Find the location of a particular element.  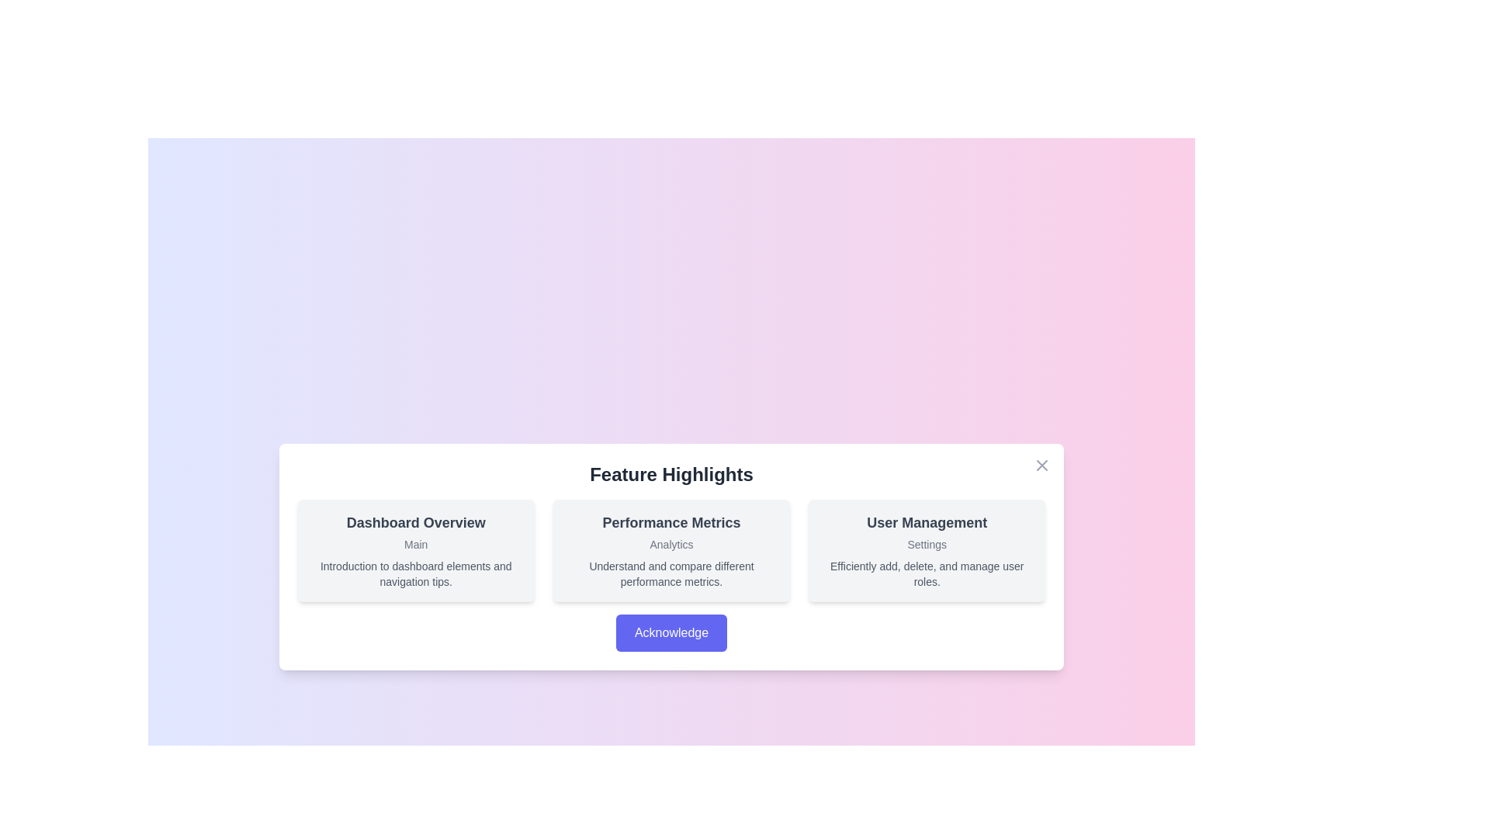

the 'Acknowledge' button to confirm the dialog contents is located at coordinates (670, 633).